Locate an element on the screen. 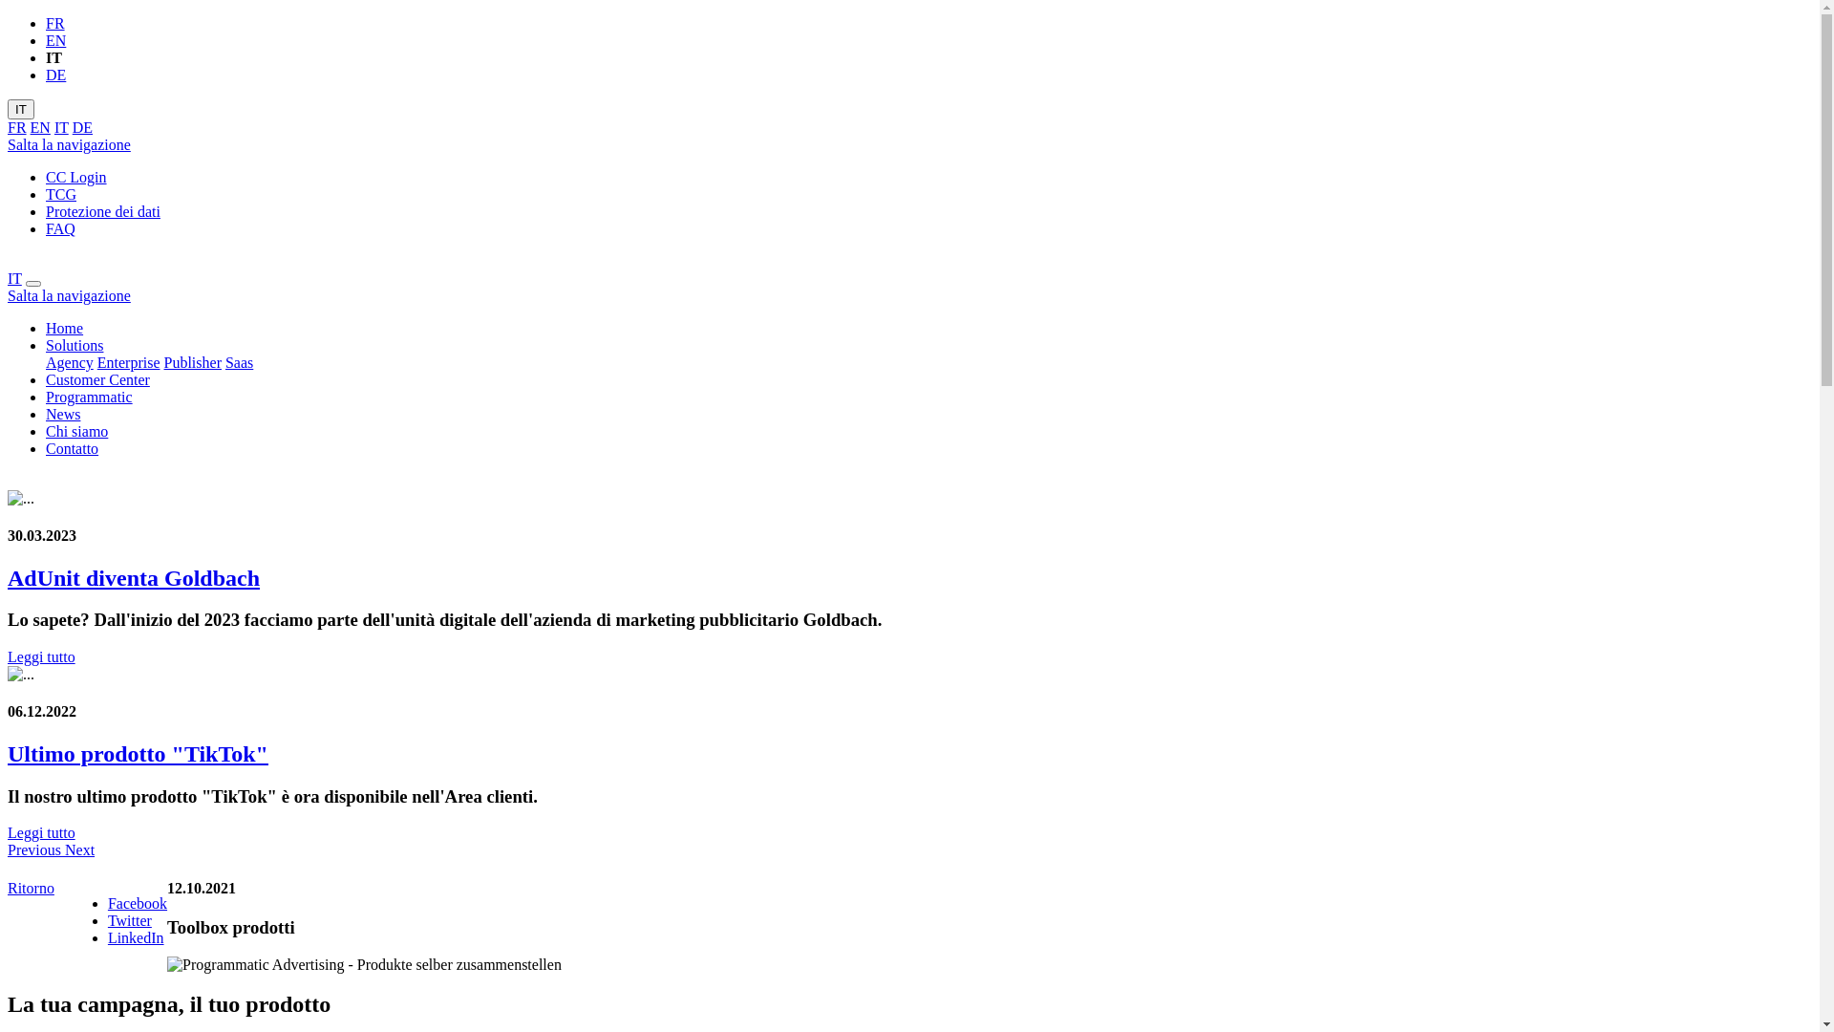 This screenshot has height=1032, width=1834. 'Agency' is located at coordinates (69, 362).